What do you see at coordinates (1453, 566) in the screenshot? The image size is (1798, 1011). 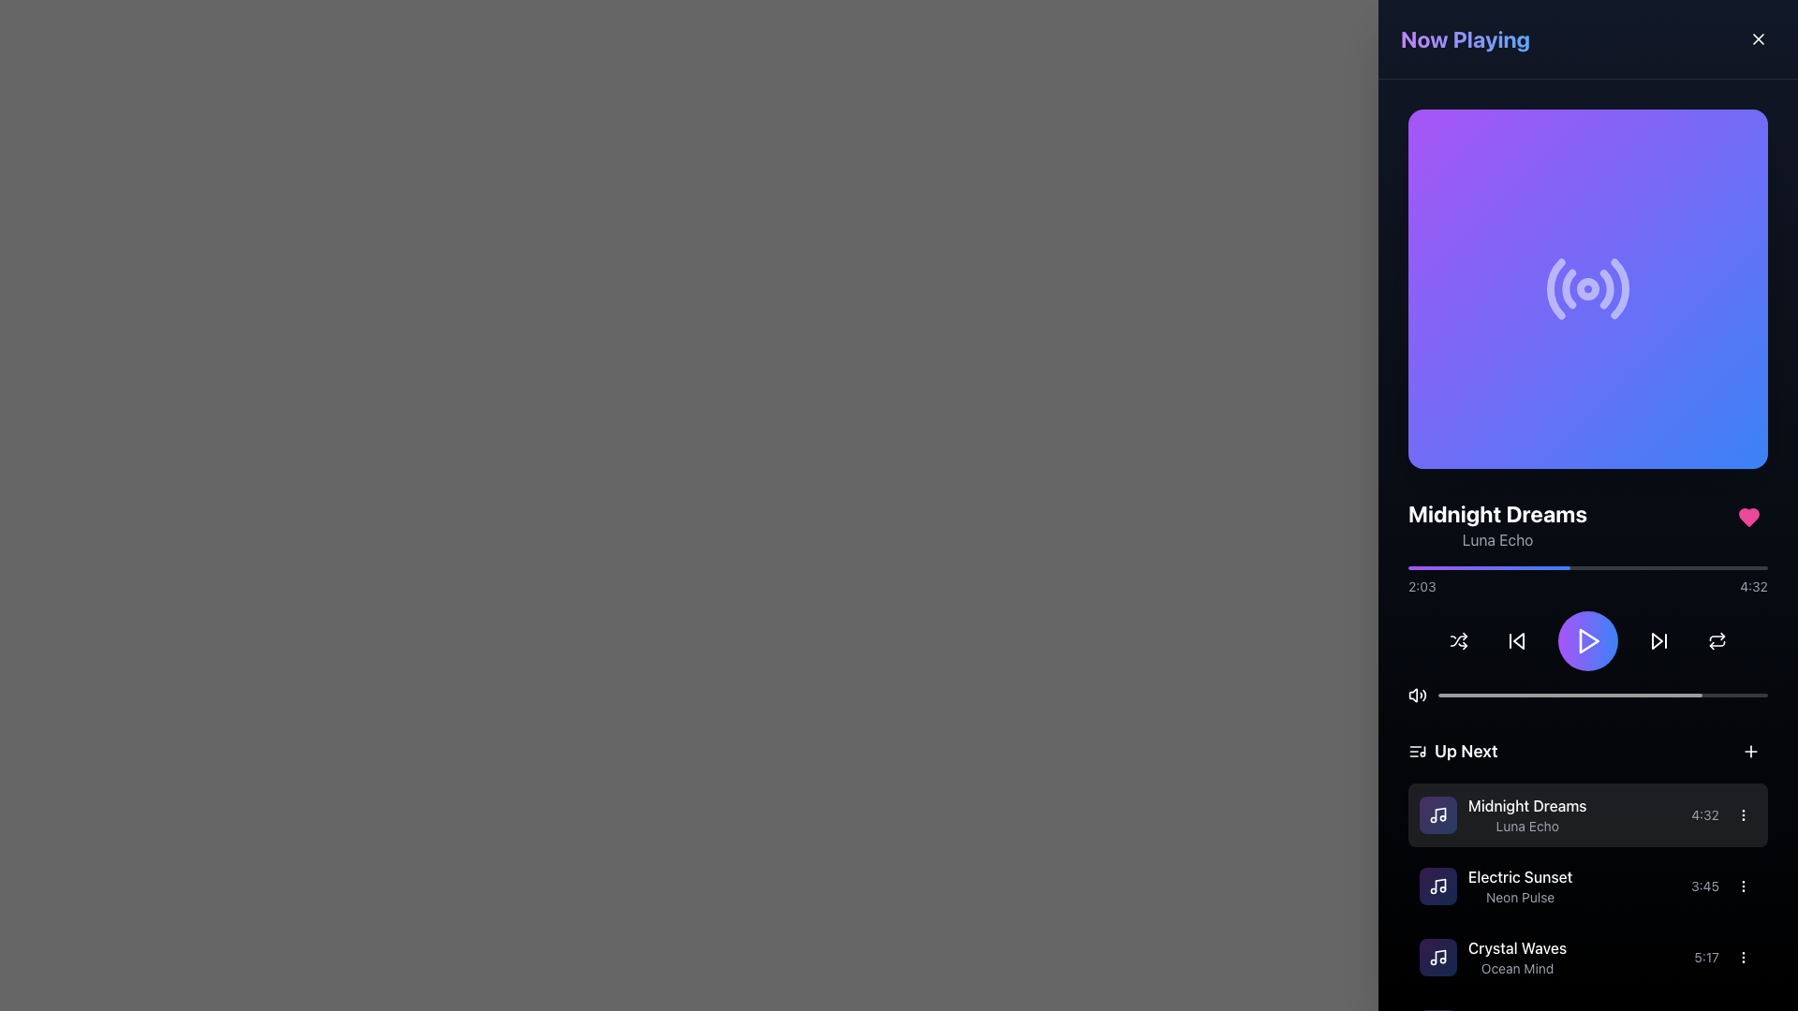 I see `the audio progress` at bounding box center [1453, 566].